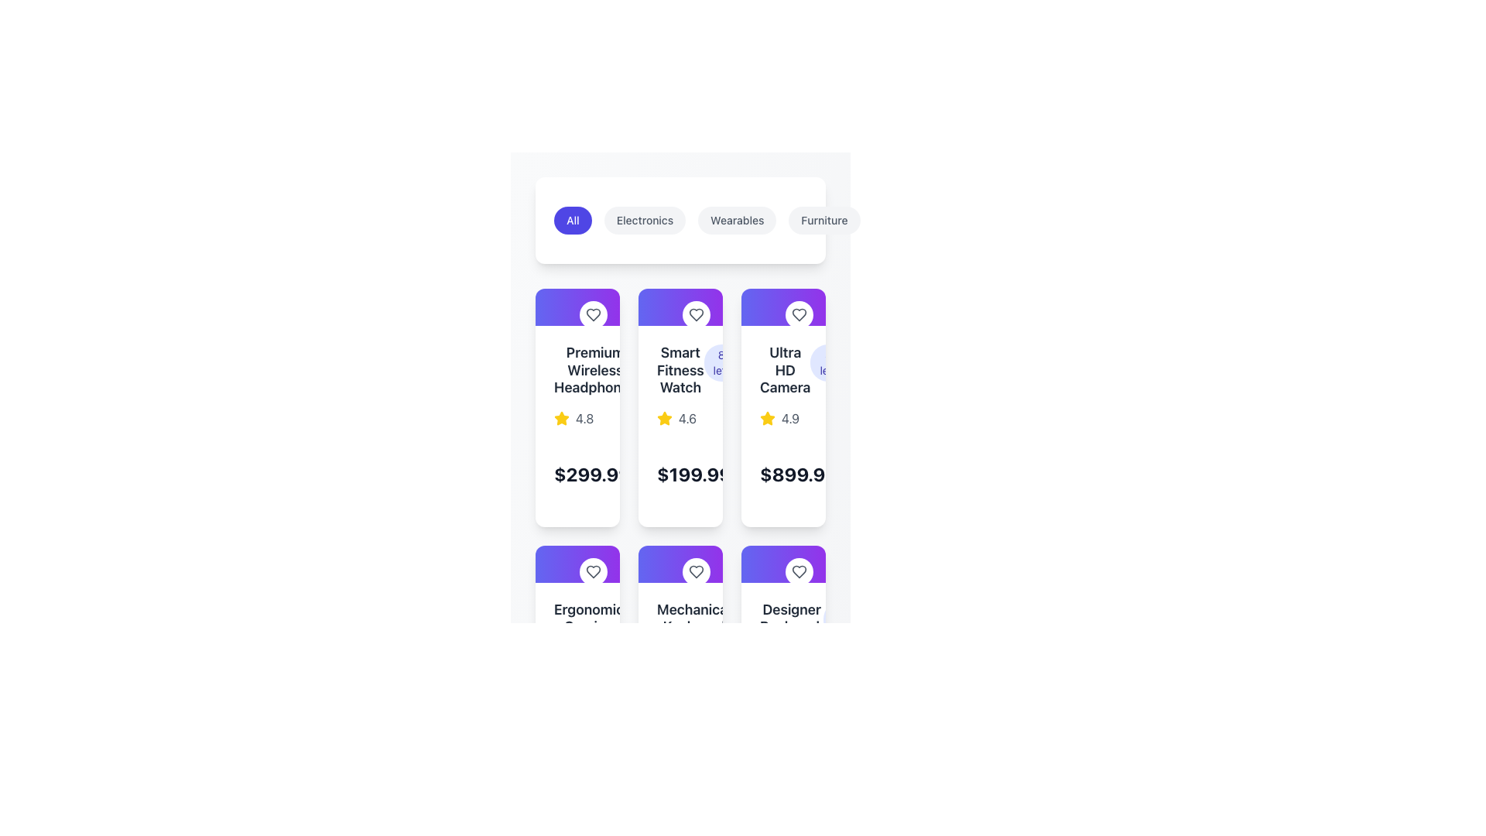 Image resolution: width=1486 pixels, height=836 pixels. What do you see at coordinates (799, 473) in the screenshot?
I see `the bold, large-sized static text displaying the price value '$899.9', which is prominently styled and located in the third column of a grid layout, above the 'Add to Cart' button` at bounding box center [799, 473].